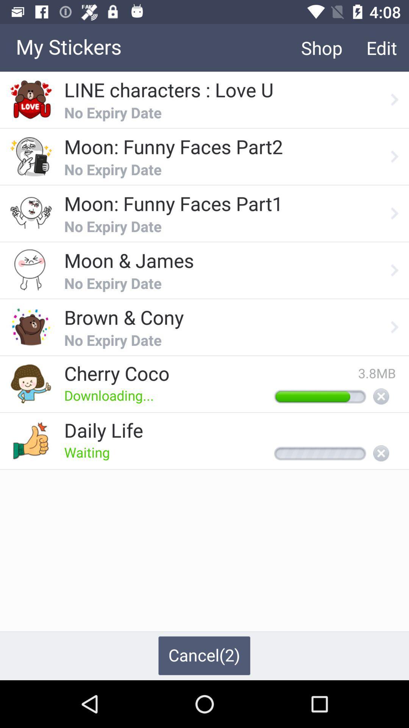  What do you see at coordinates (381, 397) in the screenshot?
I see `stop download` at bounding box center [381, 397].